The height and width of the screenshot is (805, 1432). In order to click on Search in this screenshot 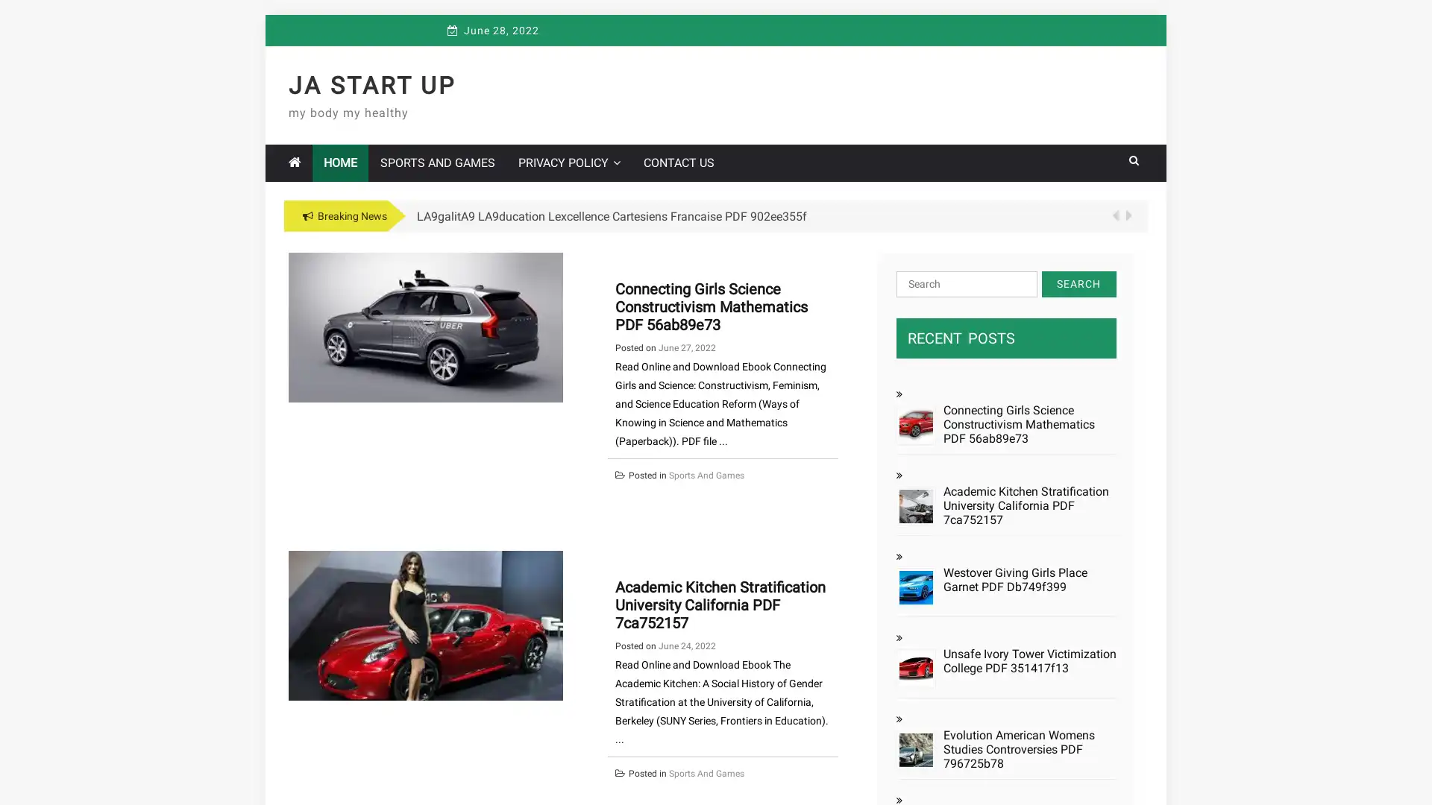, I will do `click(1078, 283)`.